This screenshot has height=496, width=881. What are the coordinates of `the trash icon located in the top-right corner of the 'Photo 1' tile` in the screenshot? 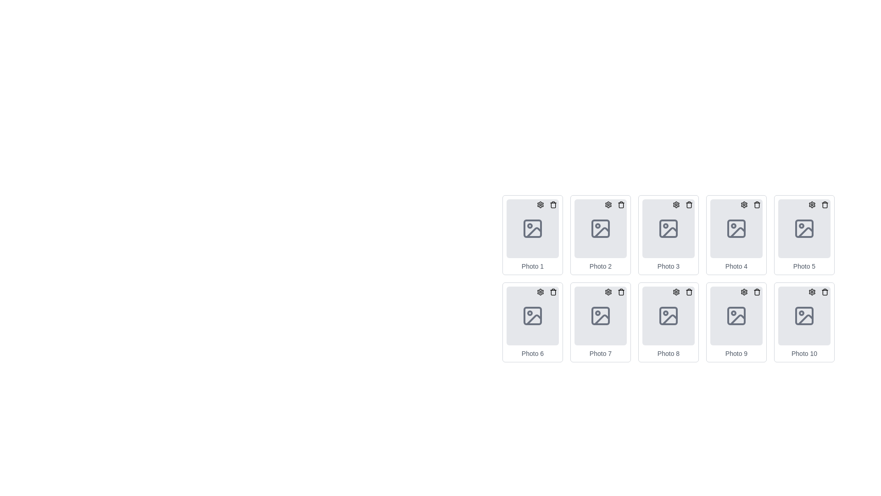 It's located at (552, 204).